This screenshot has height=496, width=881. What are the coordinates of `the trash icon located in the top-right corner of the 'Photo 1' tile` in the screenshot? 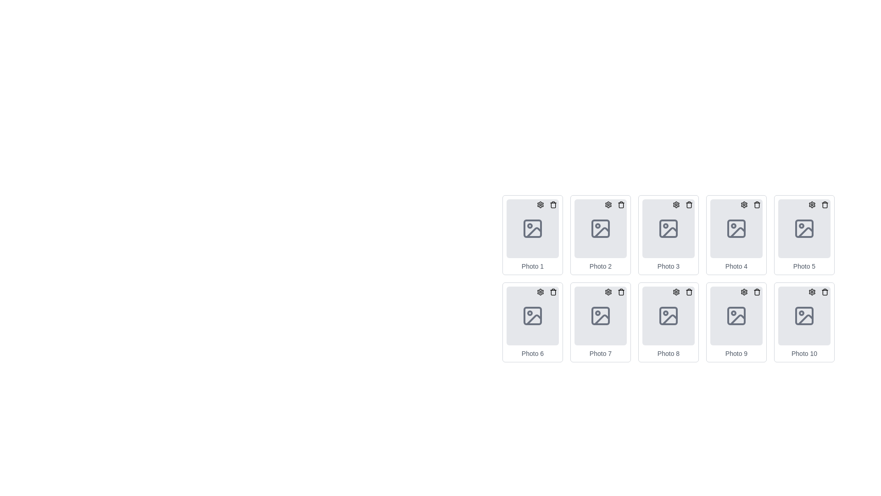 It's located at (552, 204).